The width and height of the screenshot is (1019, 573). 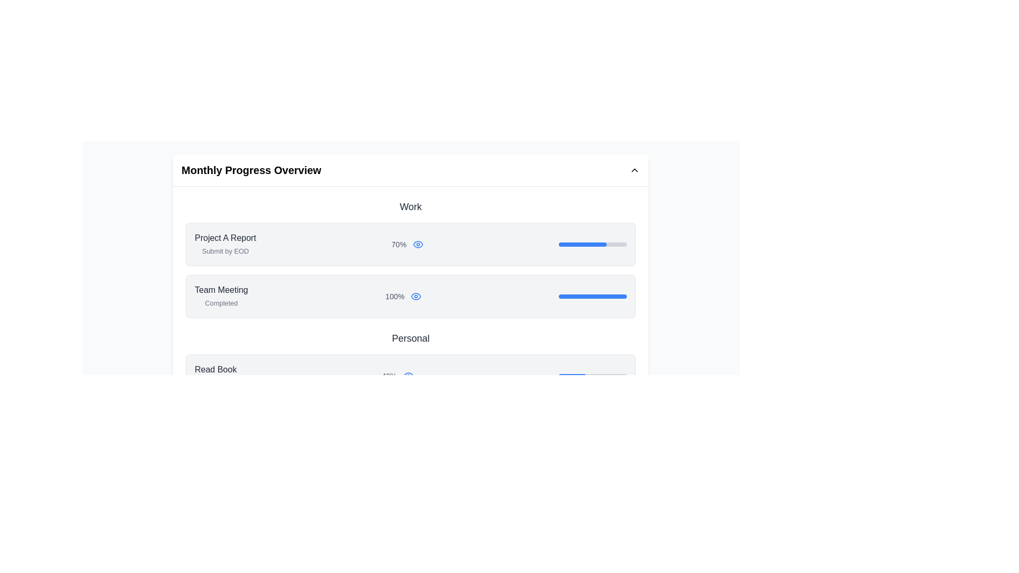 What do you see at coordinates (592, 245) in the screenshot?
I see `the horizontal rectangular progress bar with a light gray background and blue filled portion indicating 70%, located within the 'Project A Report' task card` at bounding box center [592, 245].